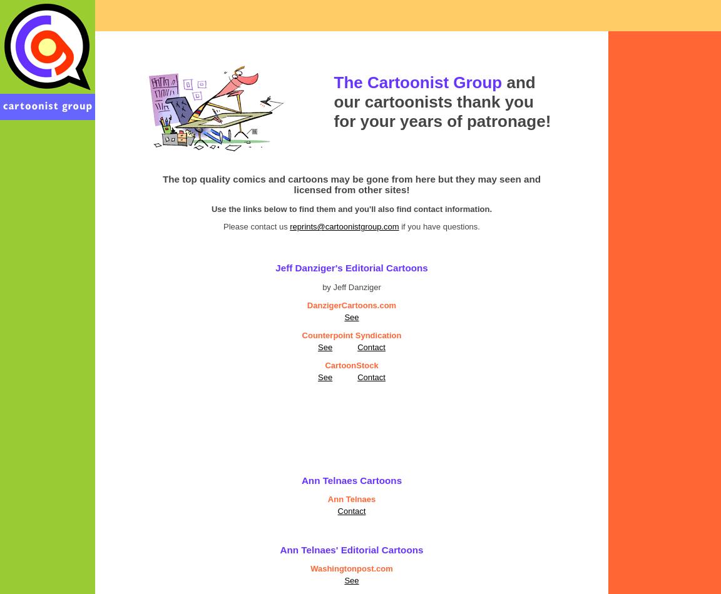  What do you see at coordinates (351, 480) in the screenshot?
I see `'Ann Telnaes Cartoons'` at bounding box center [351, 480].